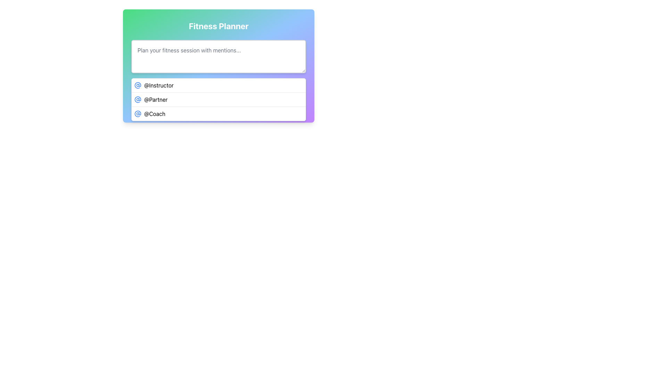 This screenshot has height=375, width=667. I want to click on the second list item, so click(218, 98).